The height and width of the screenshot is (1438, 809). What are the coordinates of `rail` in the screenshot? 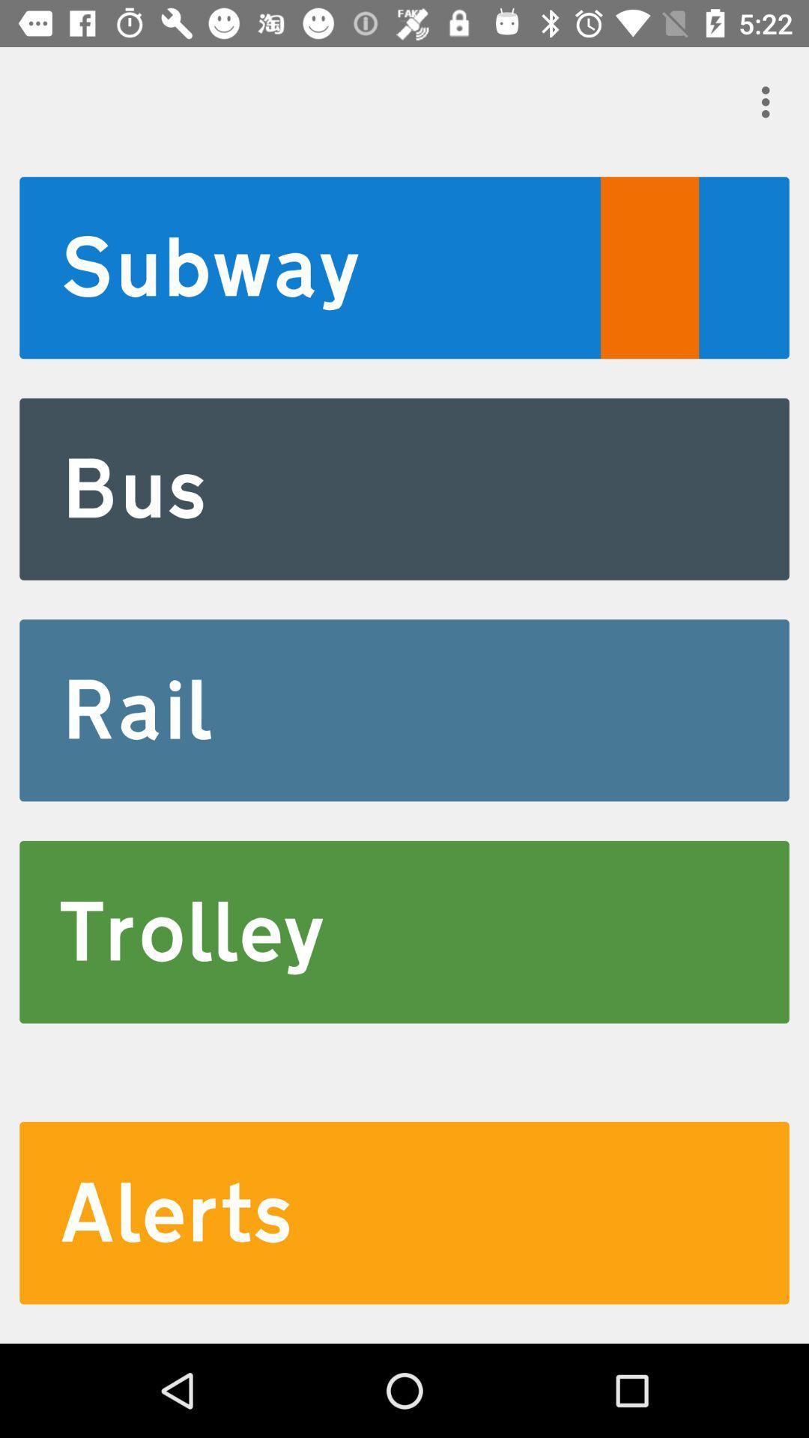 It's located at (404, 709).